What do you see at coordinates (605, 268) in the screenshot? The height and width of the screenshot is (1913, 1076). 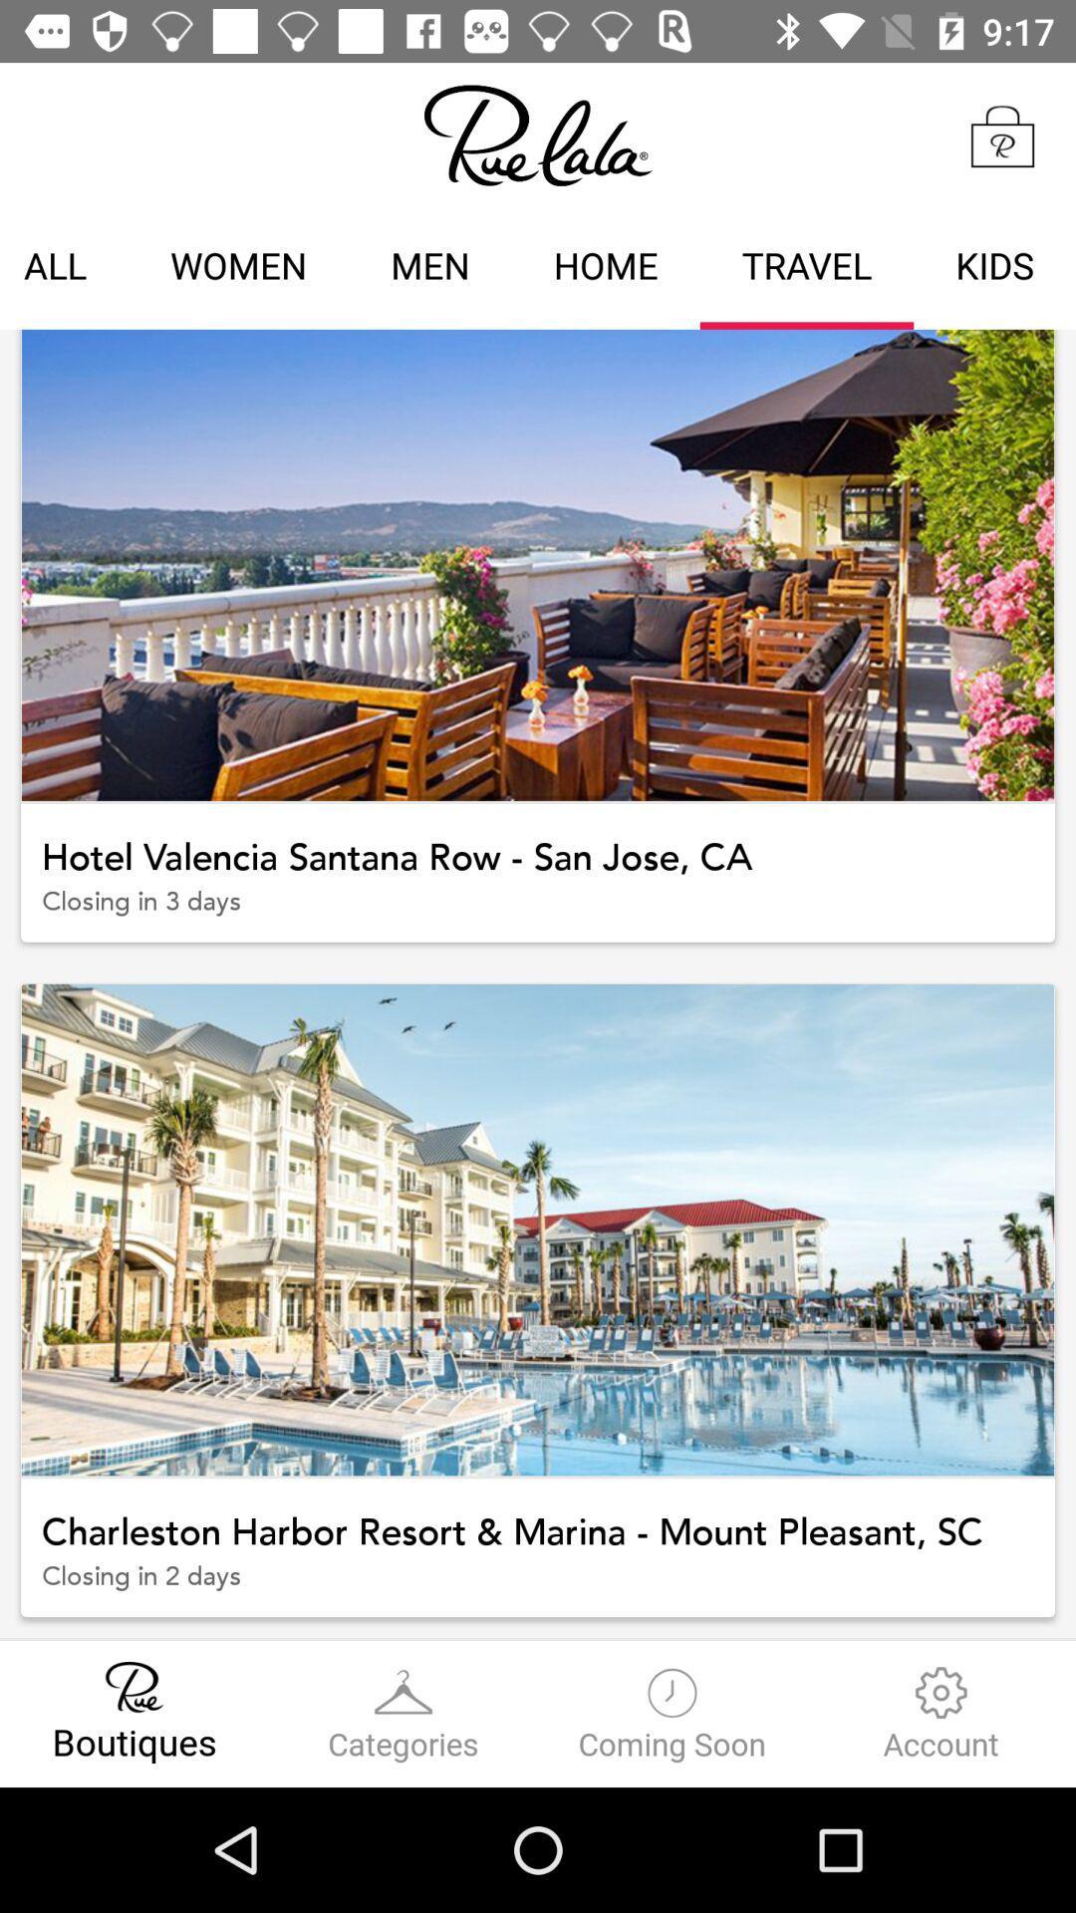 I see `home icon` at bounding box center [605, 268].